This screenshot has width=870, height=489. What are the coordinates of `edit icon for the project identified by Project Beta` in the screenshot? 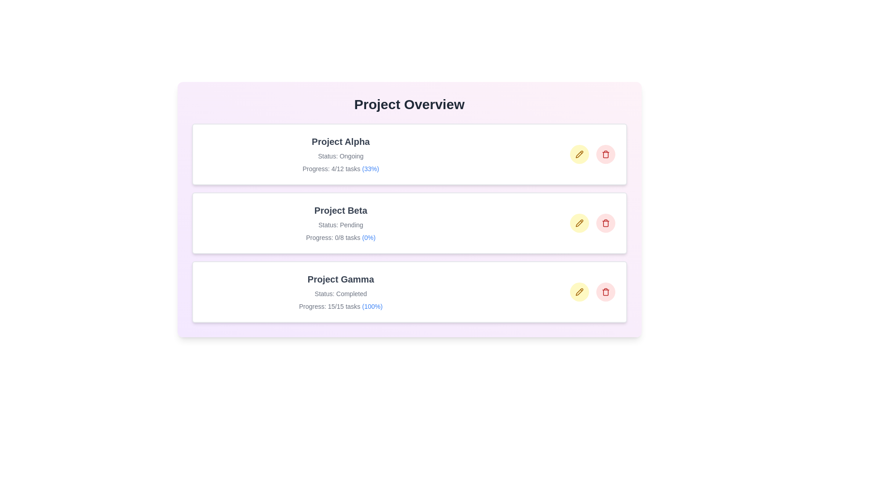 It's located at (579, 223).